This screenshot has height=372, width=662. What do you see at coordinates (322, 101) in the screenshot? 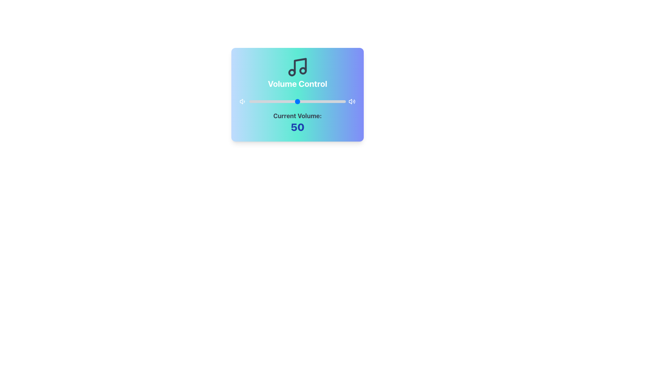
I see `the slider` at bounding box center [322, 101].